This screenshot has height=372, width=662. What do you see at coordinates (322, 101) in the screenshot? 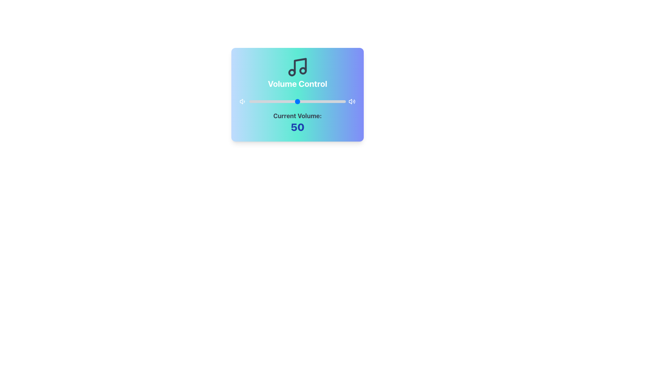
I see `the slider` at bounding box center [322, 101].